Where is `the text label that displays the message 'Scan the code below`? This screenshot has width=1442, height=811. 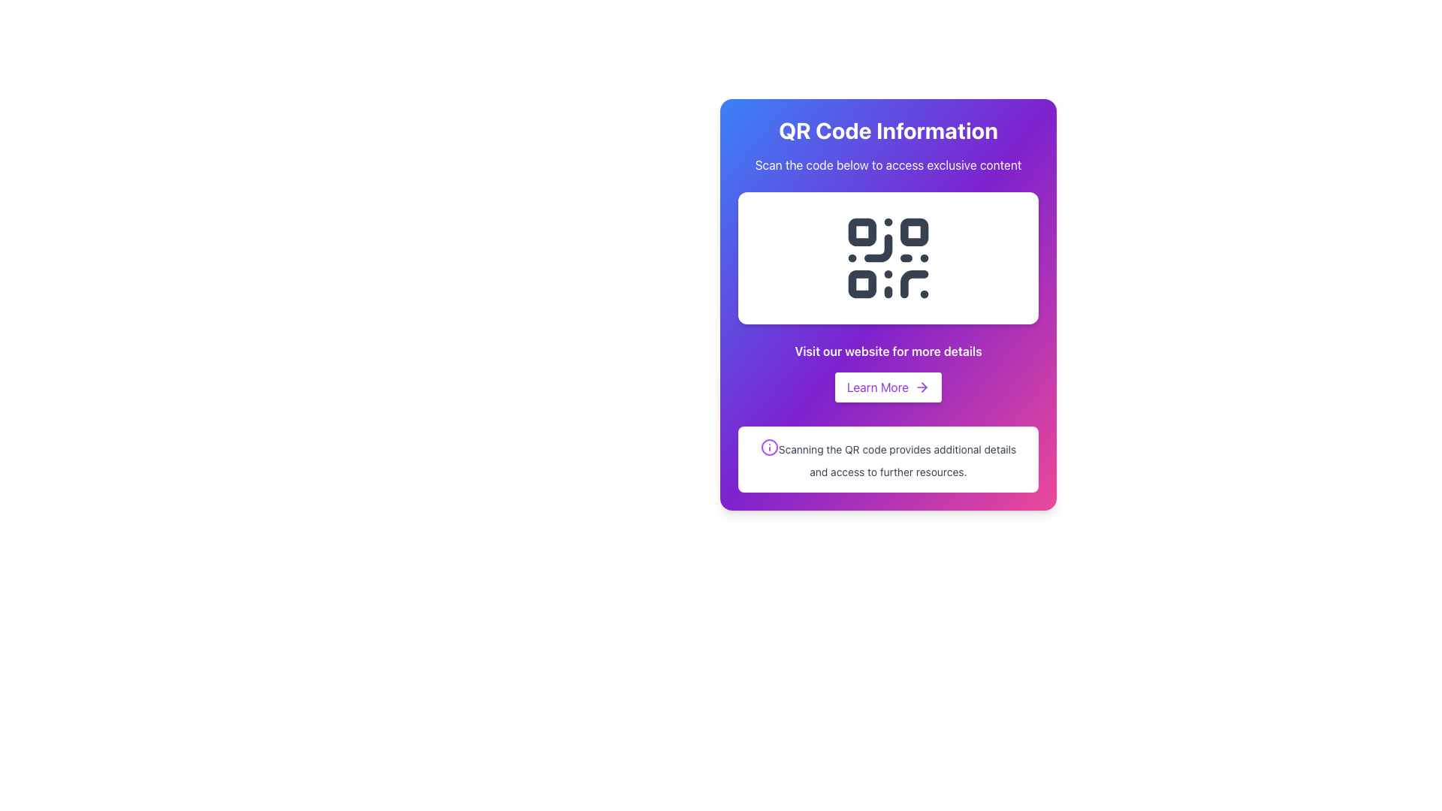 the text label that displays the message 'Scan the code below is located at coordinates (888, 164).